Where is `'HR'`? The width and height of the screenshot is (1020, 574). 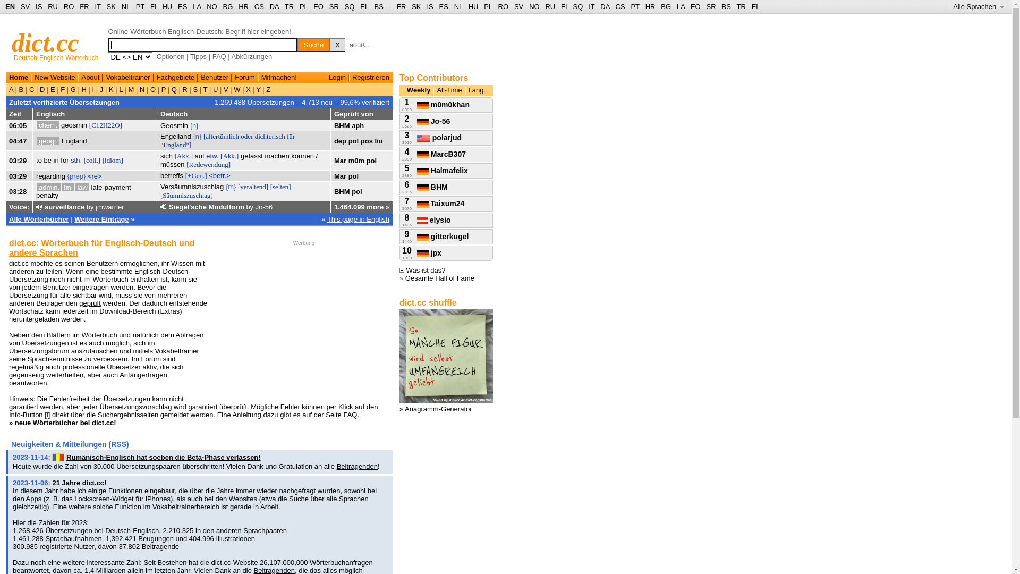 'HR' is located at coordinates (238, 6).